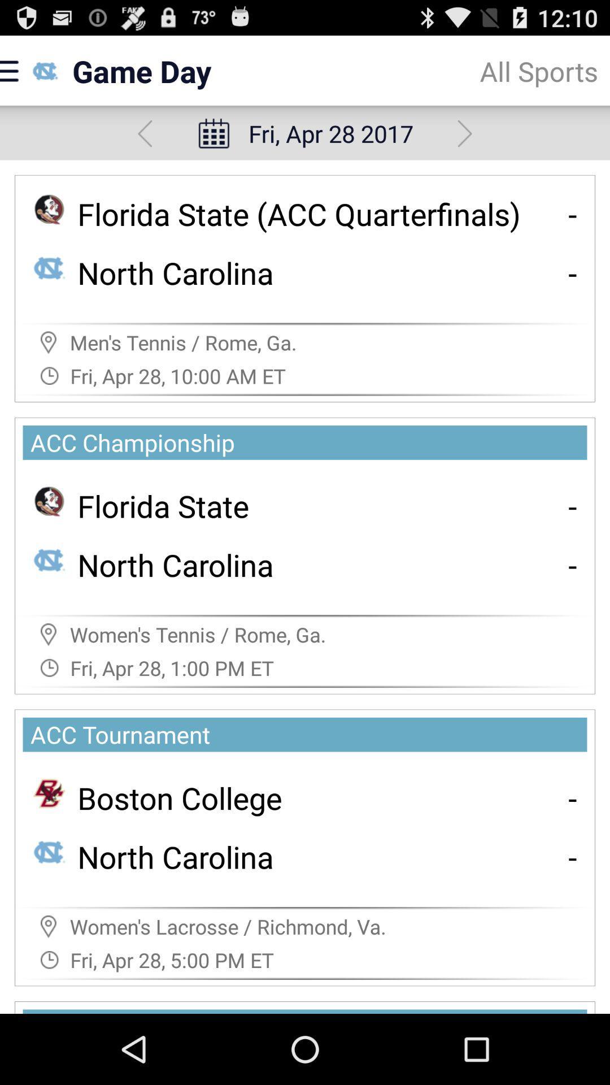 This screenshot has width=610, height=1085. Describe the element at coordinates (573, 797) in the screenshot. I see `the item to the right of boston college app` at that location.